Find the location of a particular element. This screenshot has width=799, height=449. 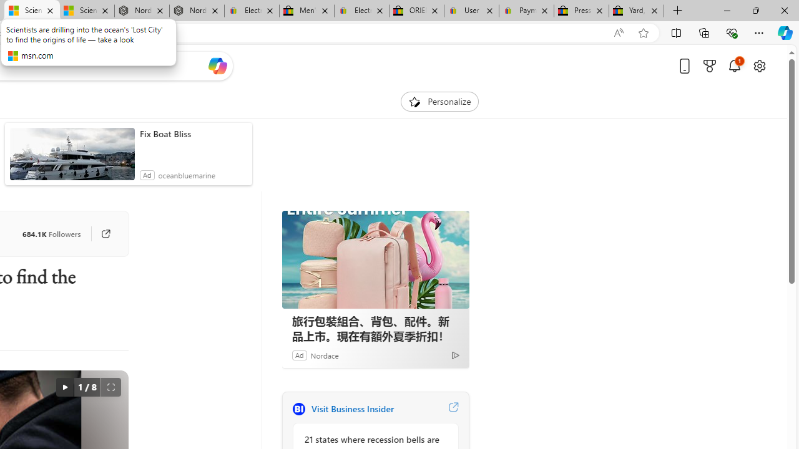

'anim-content' is located at coordinates (71, 158).